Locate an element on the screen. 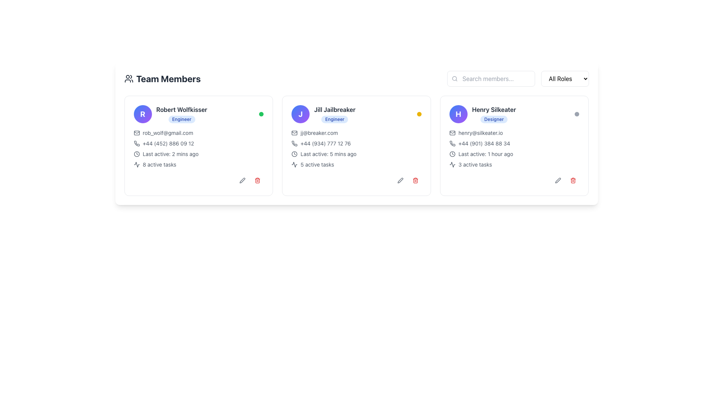  the text label that displays the last activity time of the user in the second profile card from the left is located at coordinates (328, 153).